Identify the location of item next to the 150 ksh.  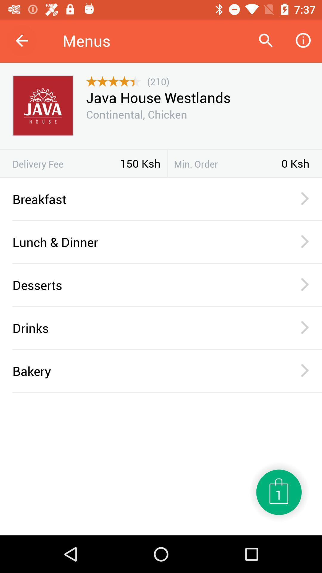
(66, 164).